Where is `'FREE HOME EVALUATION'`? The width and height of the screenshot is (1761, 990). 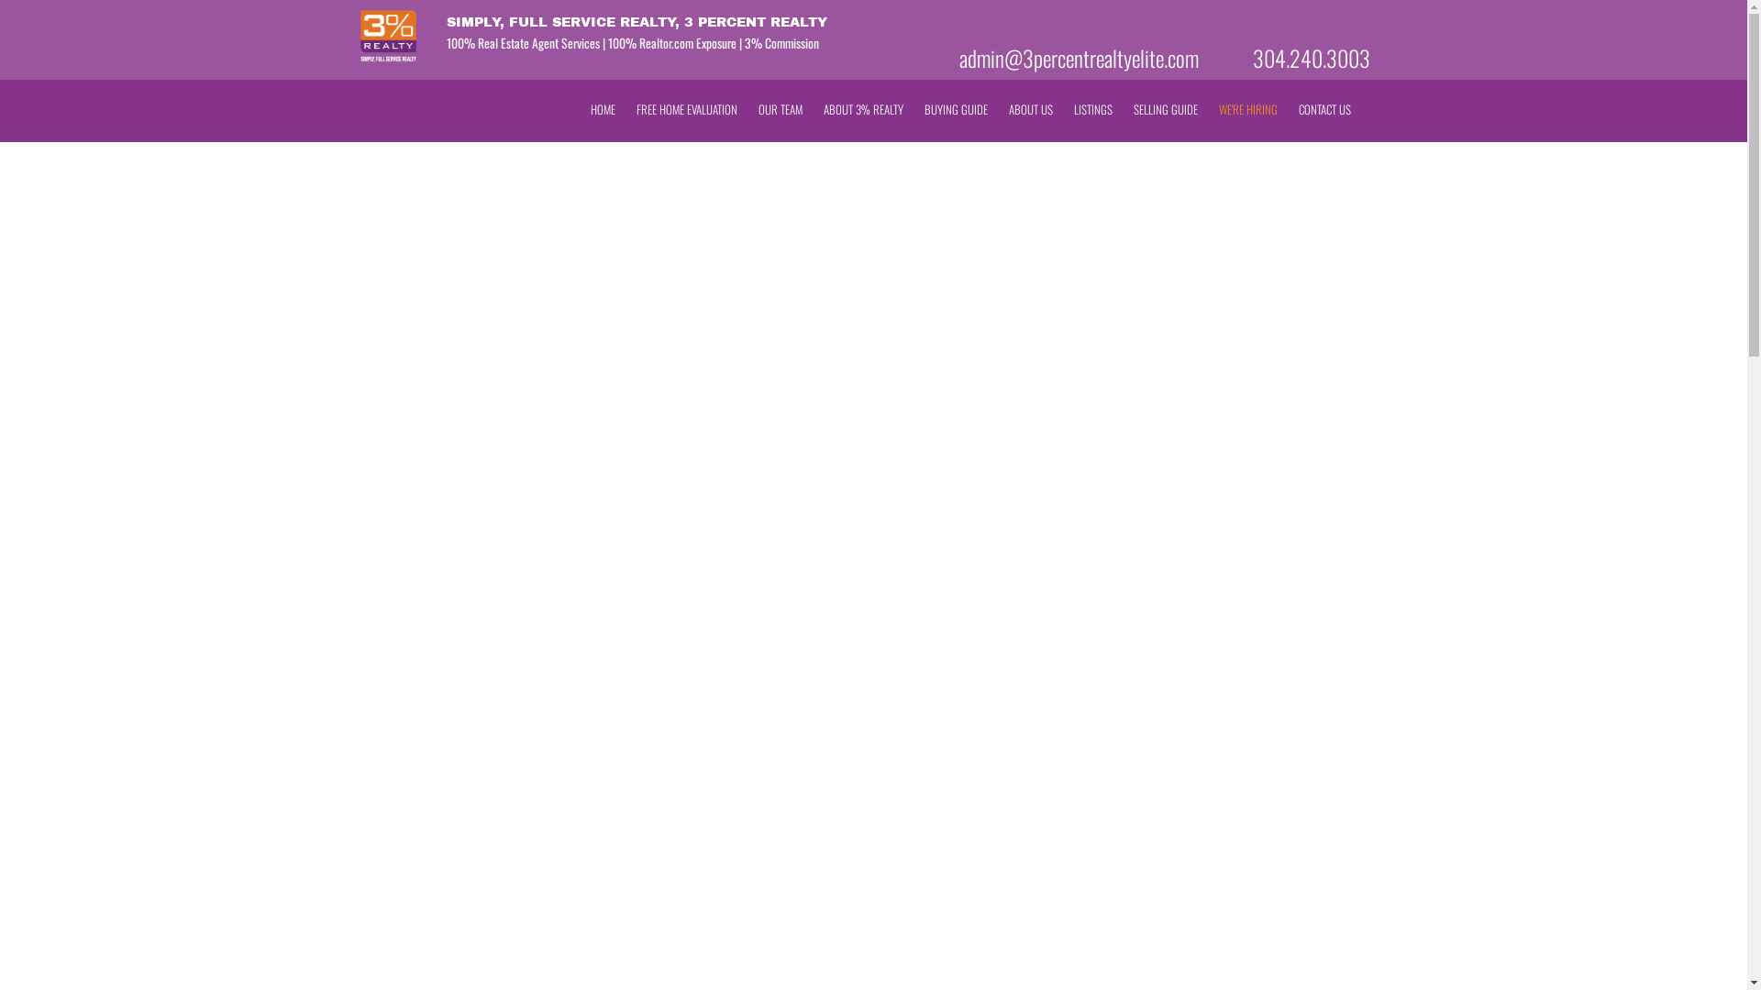
'FREE HOME EVALUATION' is located at coordinates (685, 109).